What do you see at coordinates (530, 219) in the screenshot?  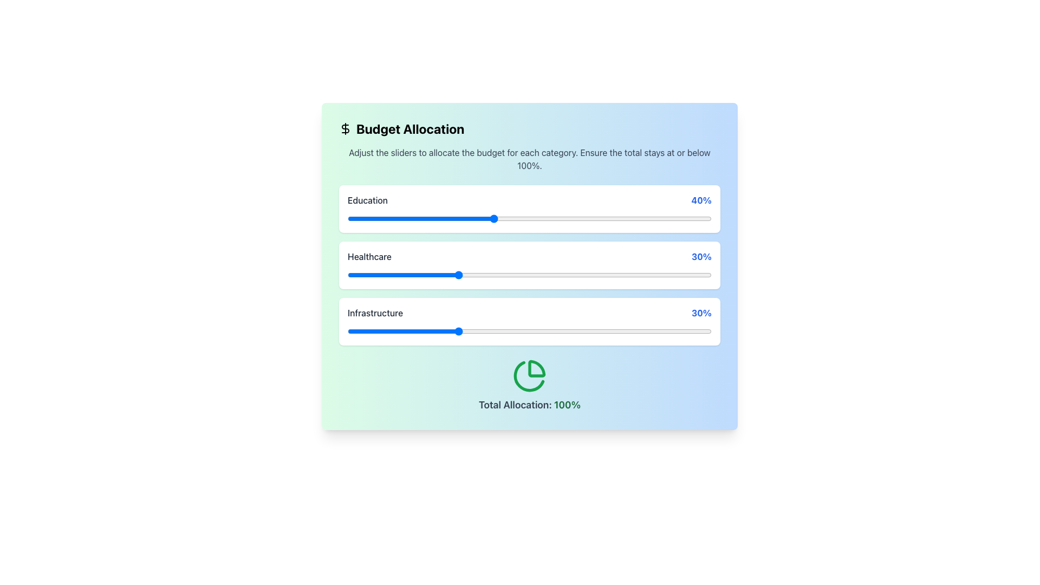 I see `the thumb of the 'Education' slider located below the label 'Education' and percentage value '40%'` at bounding box center [530, 219].